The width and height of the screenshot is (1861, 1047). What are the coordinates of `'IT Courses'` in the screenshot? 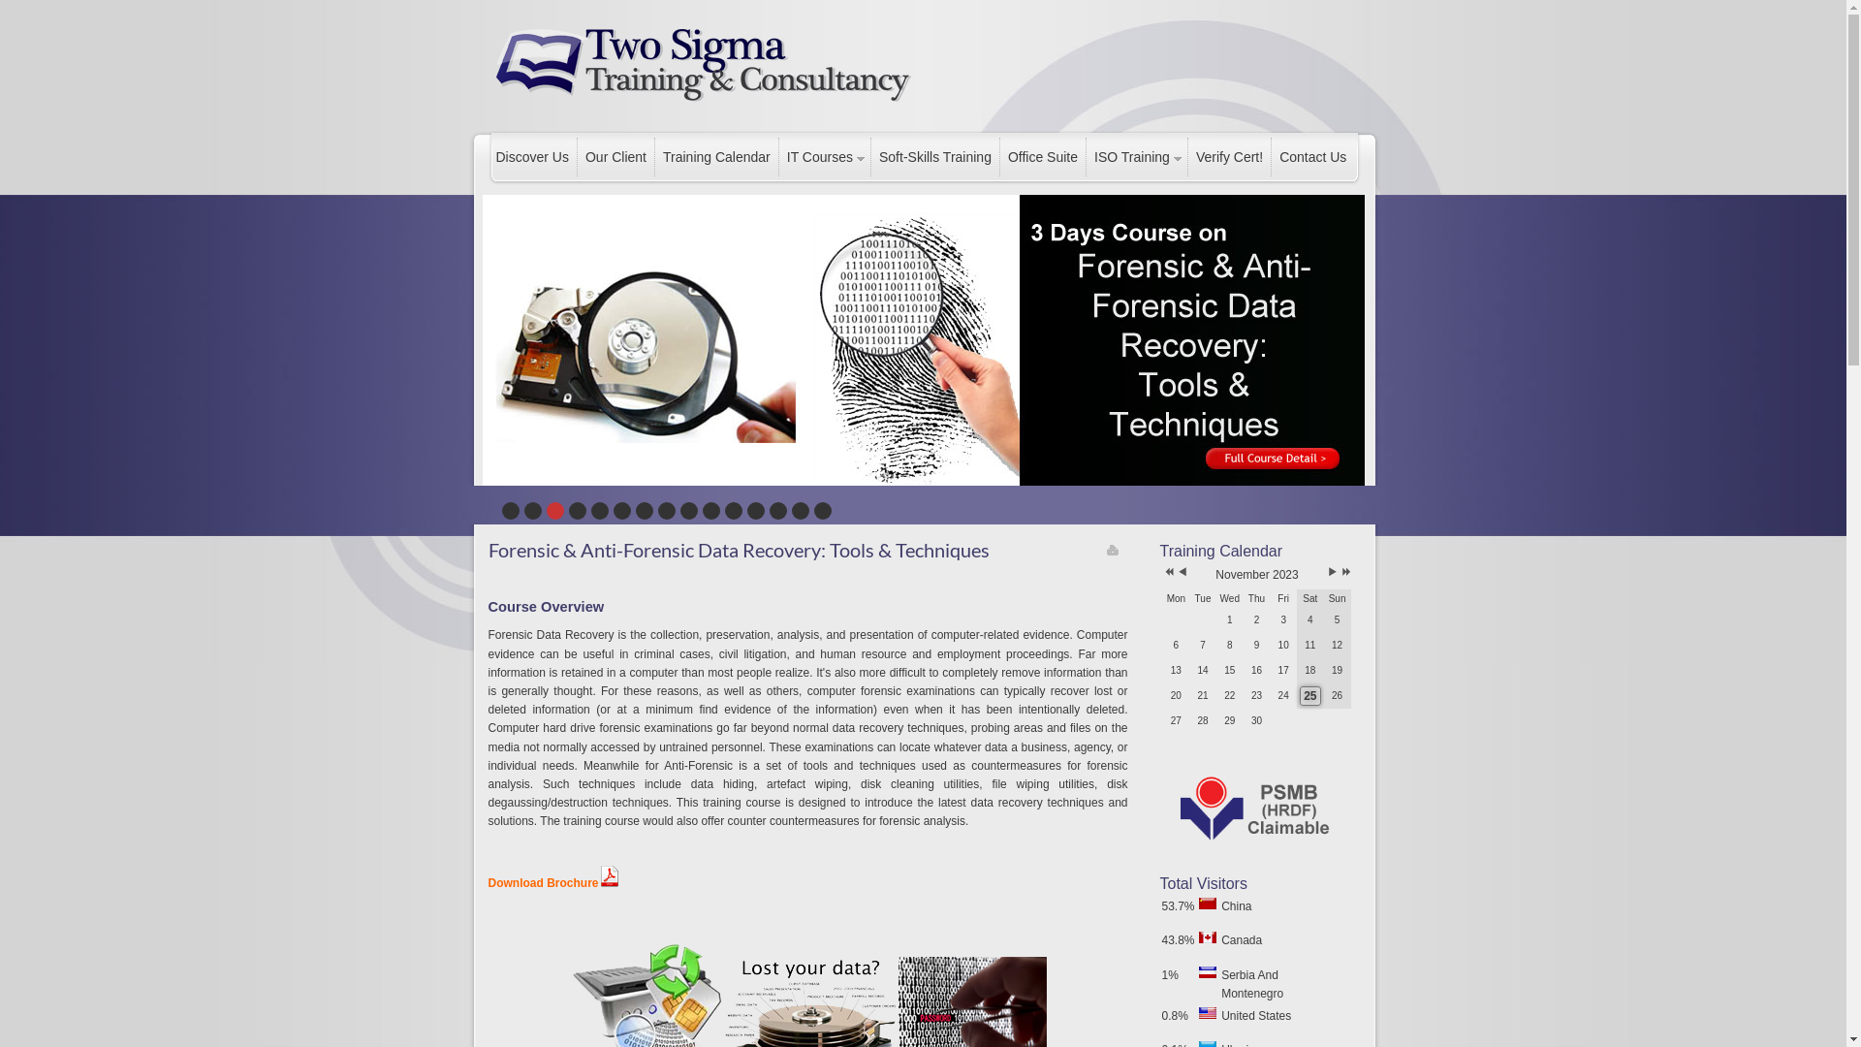 It's located at (824, 156).